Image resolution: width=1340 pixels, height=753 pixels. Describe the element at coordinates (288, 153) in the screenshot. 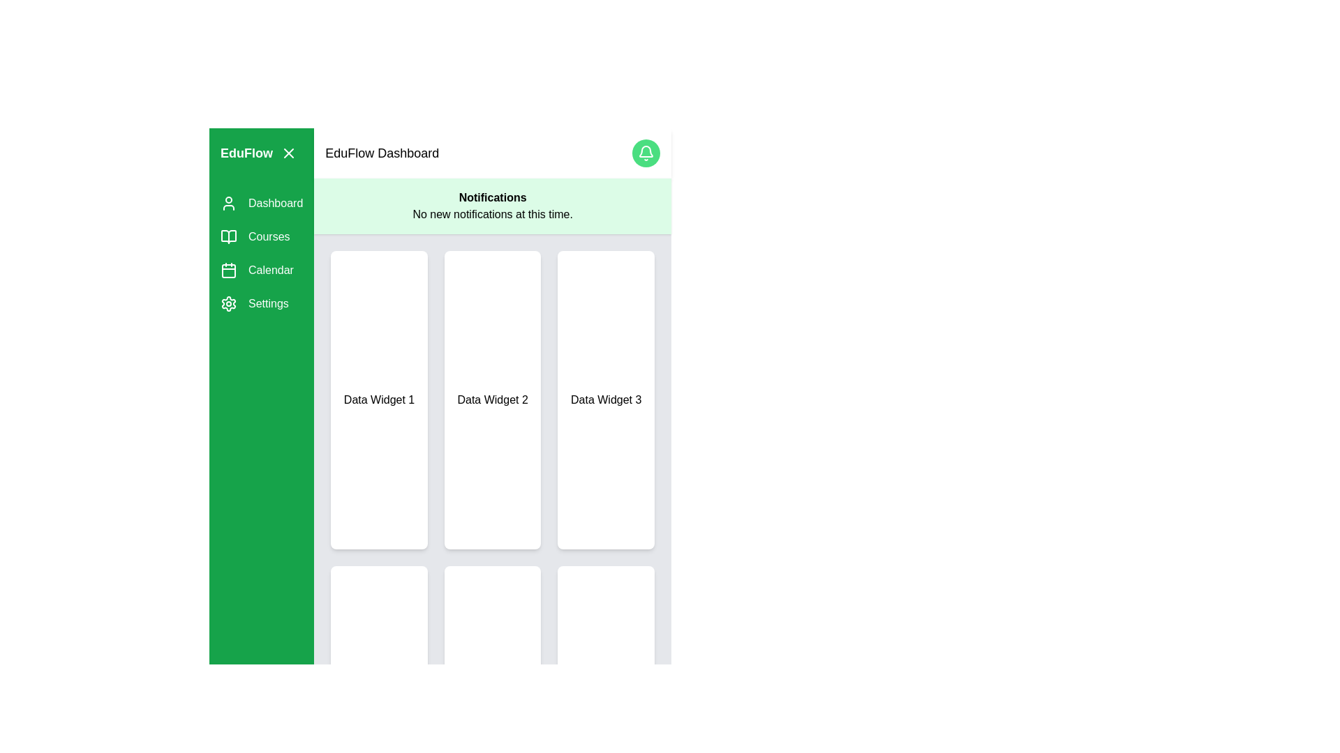

I see `the Close icon located near the top right corner of the header section` at that location.